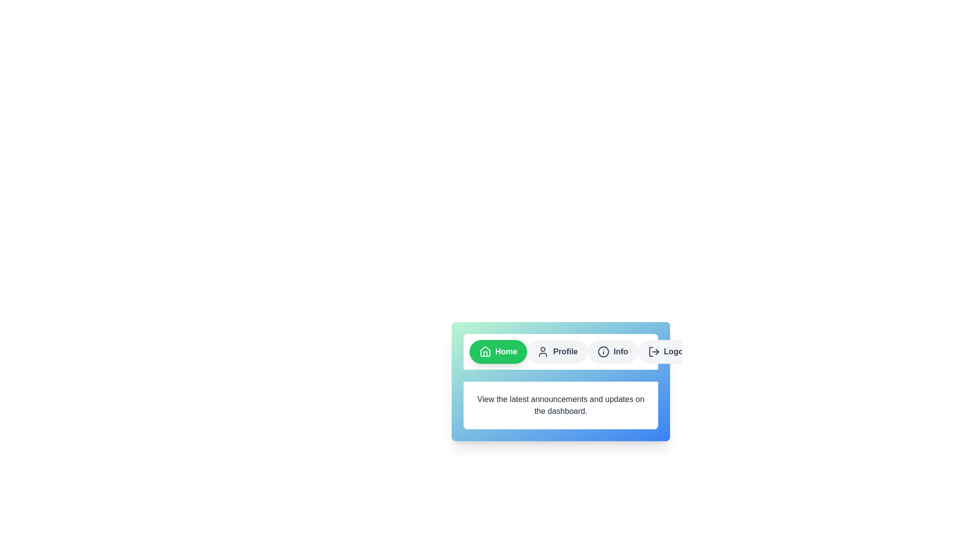  I want to click on the 'Info' text label located to the right of the information icon within the navigation area, so click(620, 351).